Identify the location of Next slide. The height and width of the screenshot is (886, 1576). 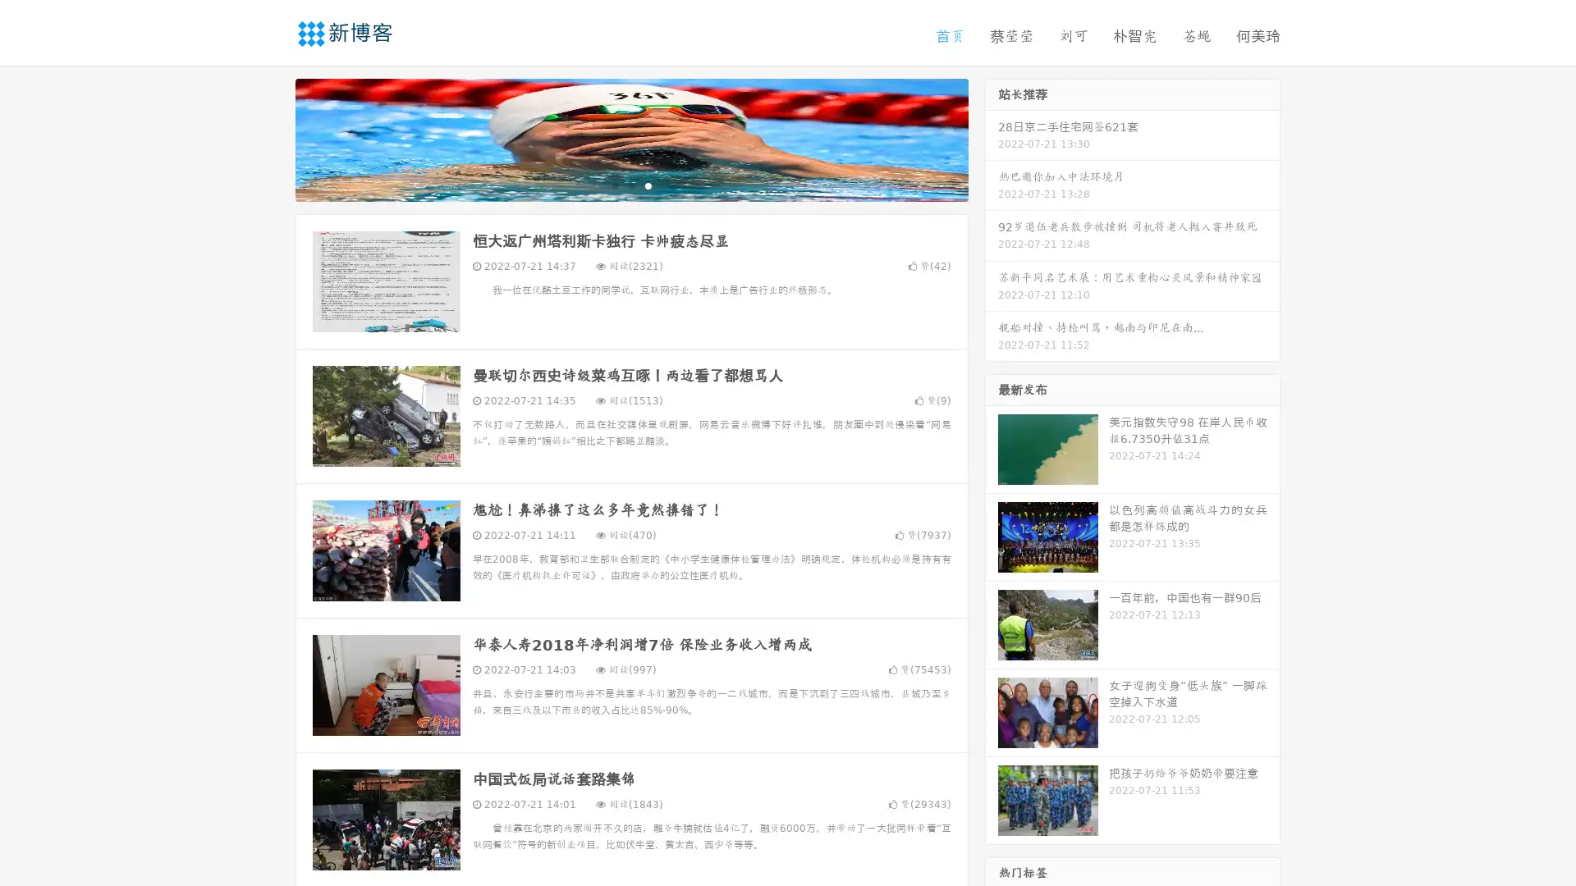
(992, 138).